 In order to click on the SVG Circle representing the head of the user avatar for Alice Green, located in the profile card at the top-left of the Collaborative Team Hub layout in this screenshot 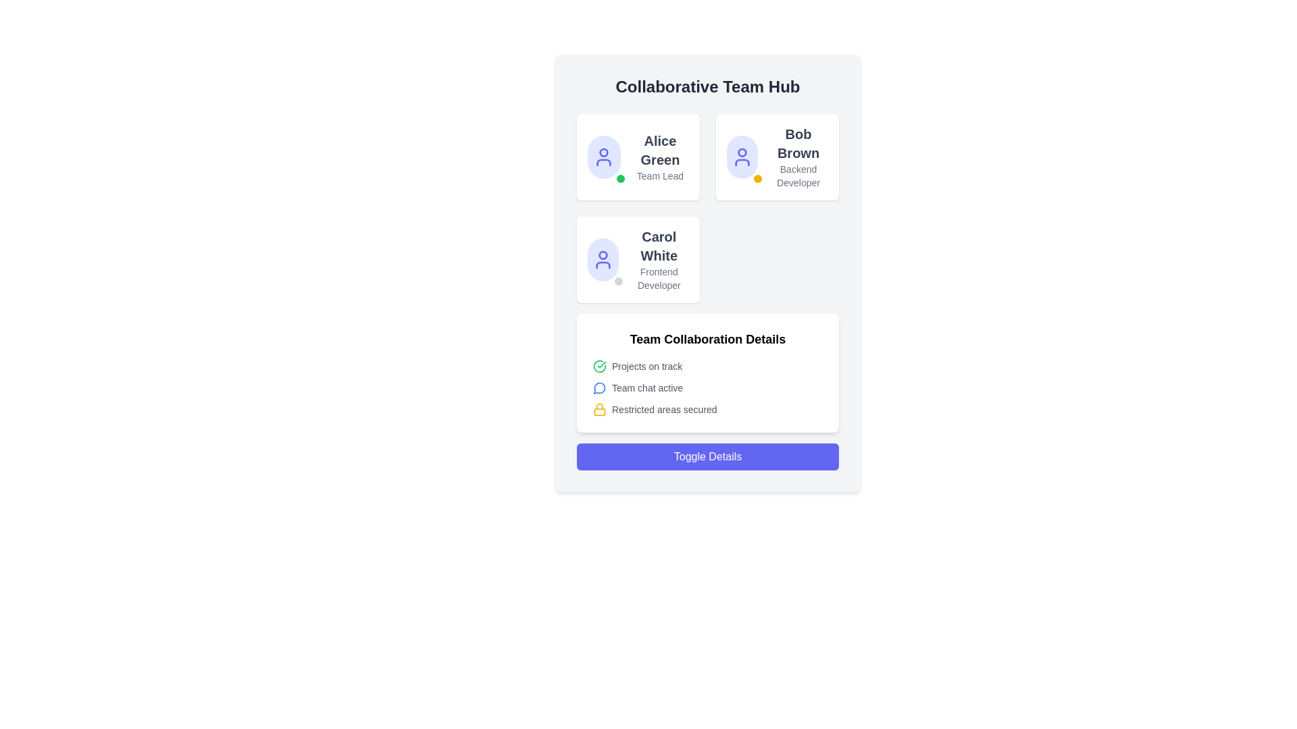, I will do `click(603, 152)`.